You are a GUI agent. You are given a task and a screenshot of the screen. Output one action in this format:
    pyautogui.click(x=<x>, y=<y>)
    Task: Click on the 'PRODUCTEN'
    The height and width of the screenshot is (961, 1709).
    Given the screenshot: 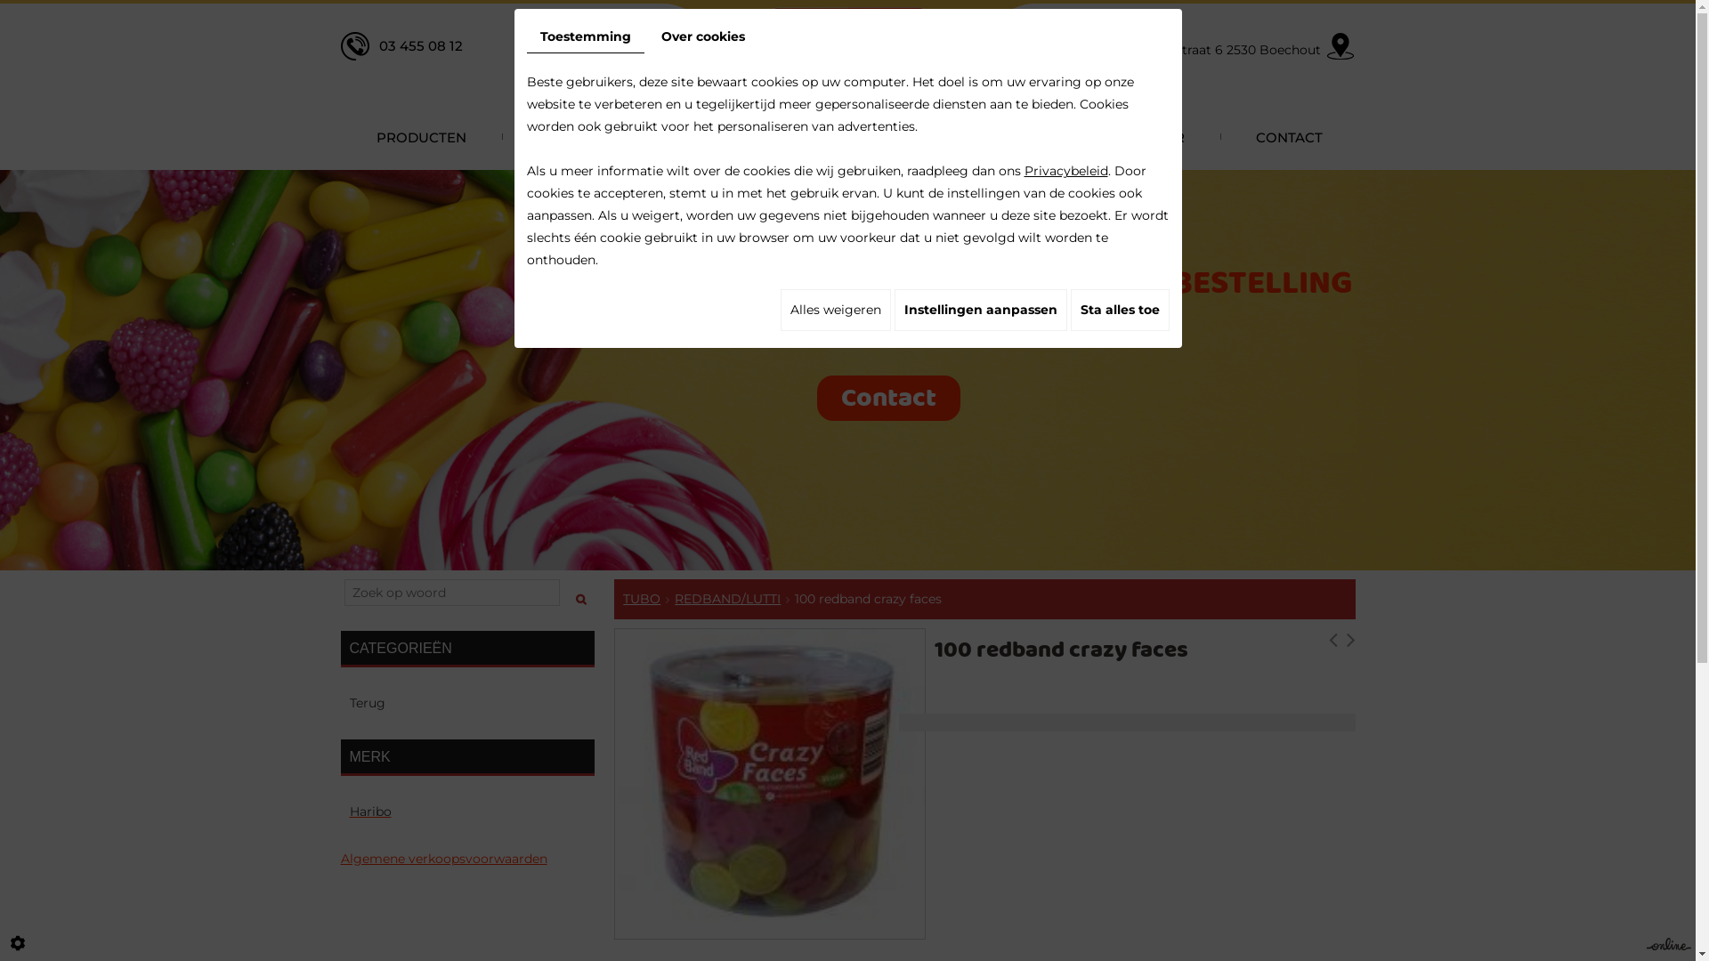 What is the action you would take?
    pyautogui.click(x=340, y=135)
    